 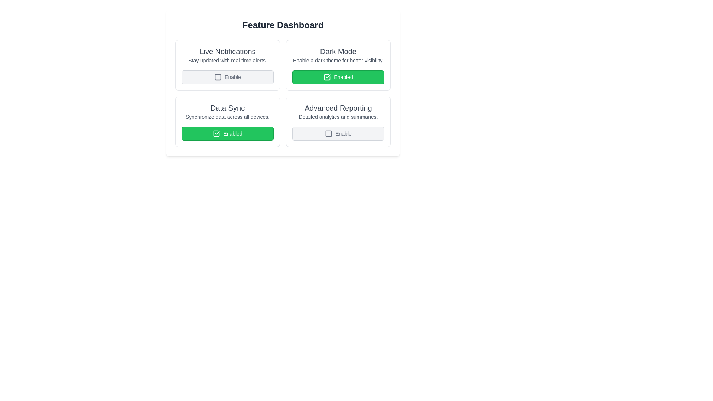 What do you see at coordinates (227, 55) in the screenshot?
I see `the title and subtitle component for the 'Live Notifications' feature located in the top-left card under the 'Feature Dashboard', situated above the 'Enable' button` at bounding box center [227, 55].